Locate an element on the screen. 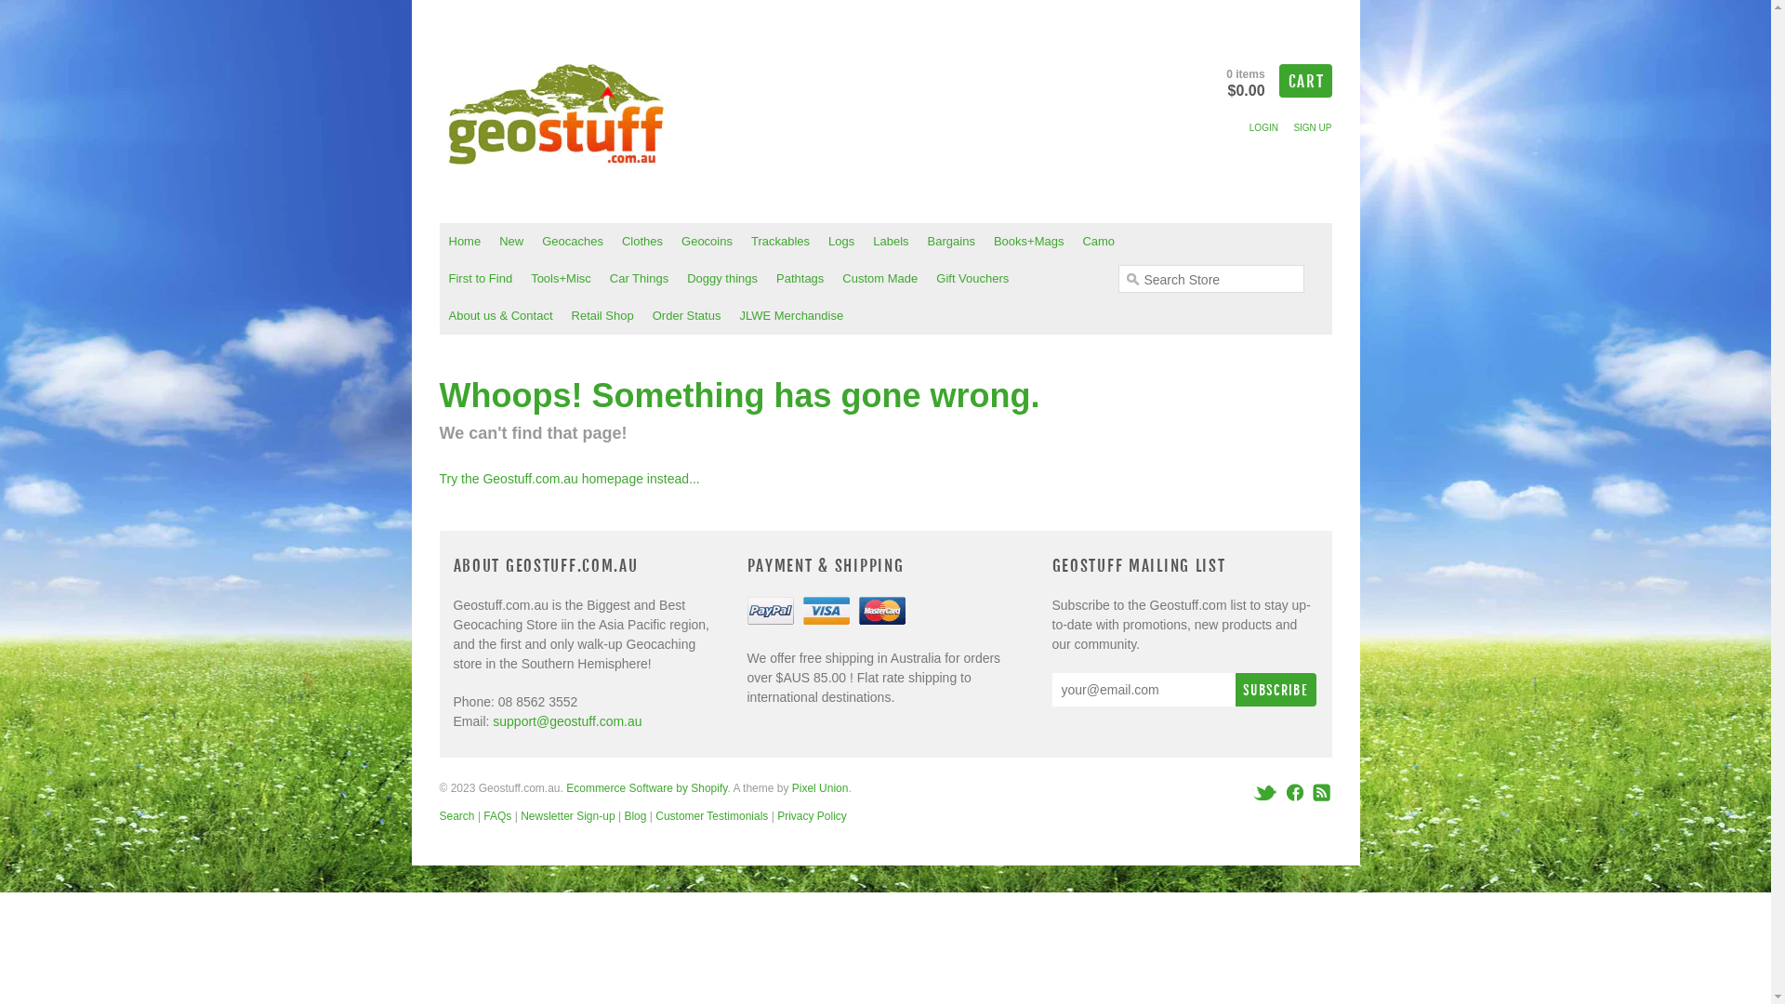 This screenshot has width=1785, height=1004. 'Camo' is located at coordinates (1072, 240).